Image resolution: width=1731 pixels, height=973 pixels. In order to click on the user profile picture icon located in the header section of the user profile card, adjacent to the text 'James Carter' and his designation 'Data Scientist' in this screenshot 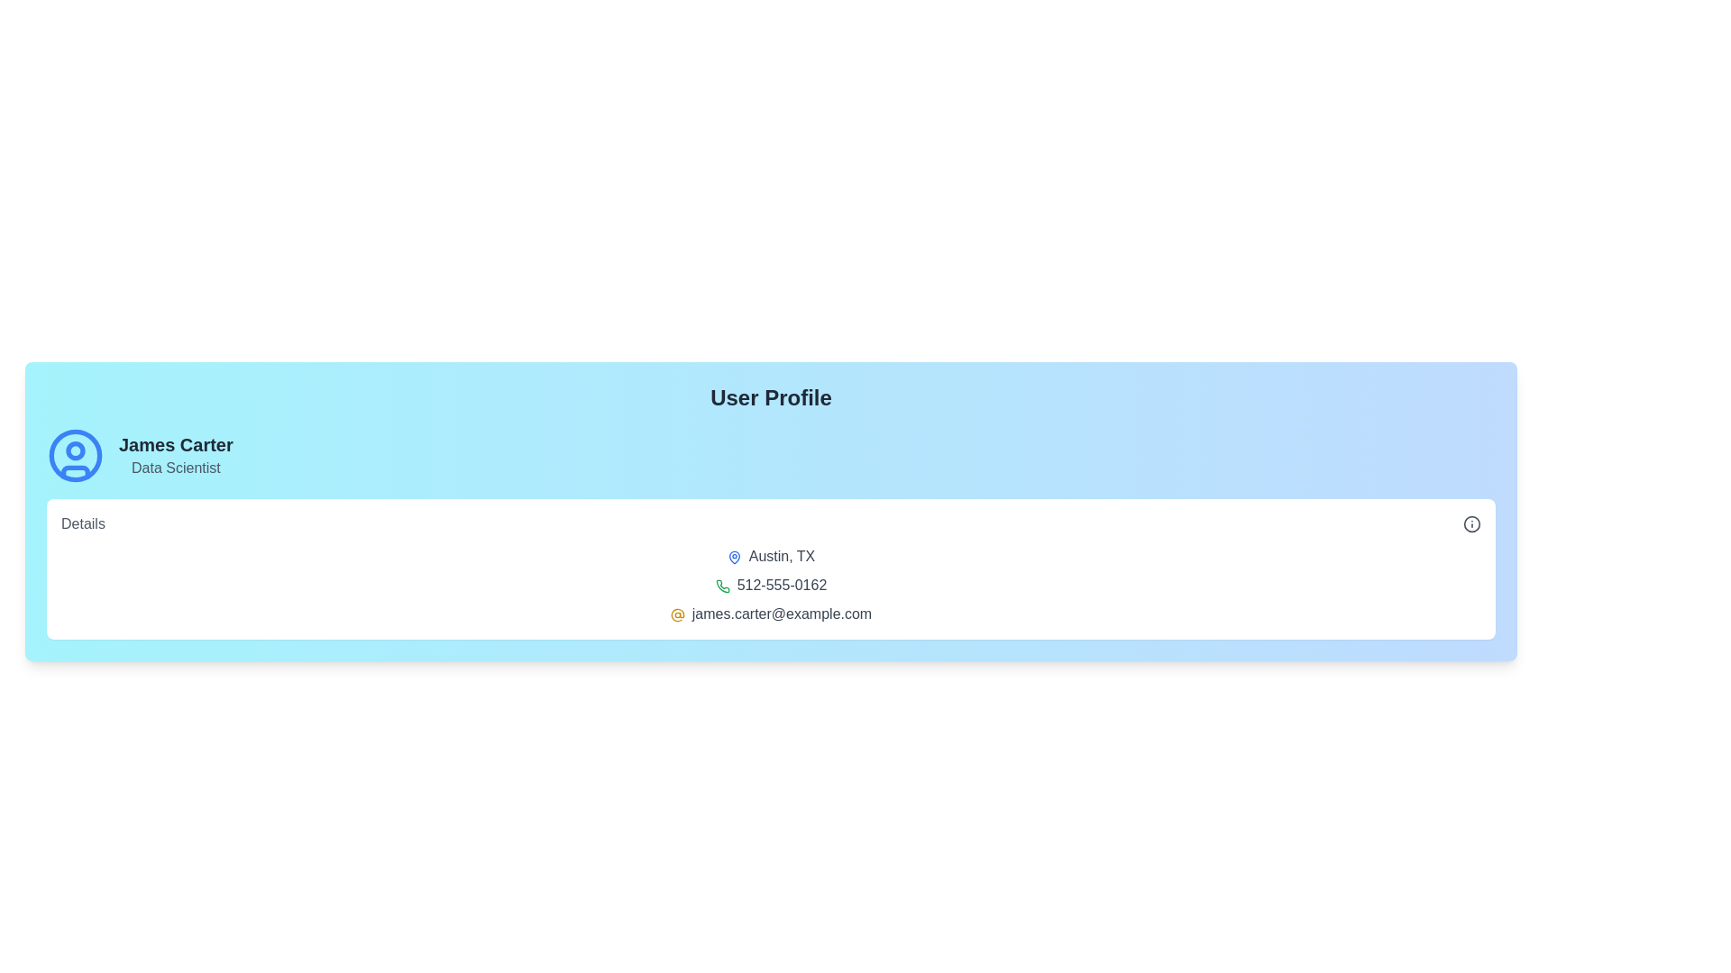, I will do `click(74, 454)`.